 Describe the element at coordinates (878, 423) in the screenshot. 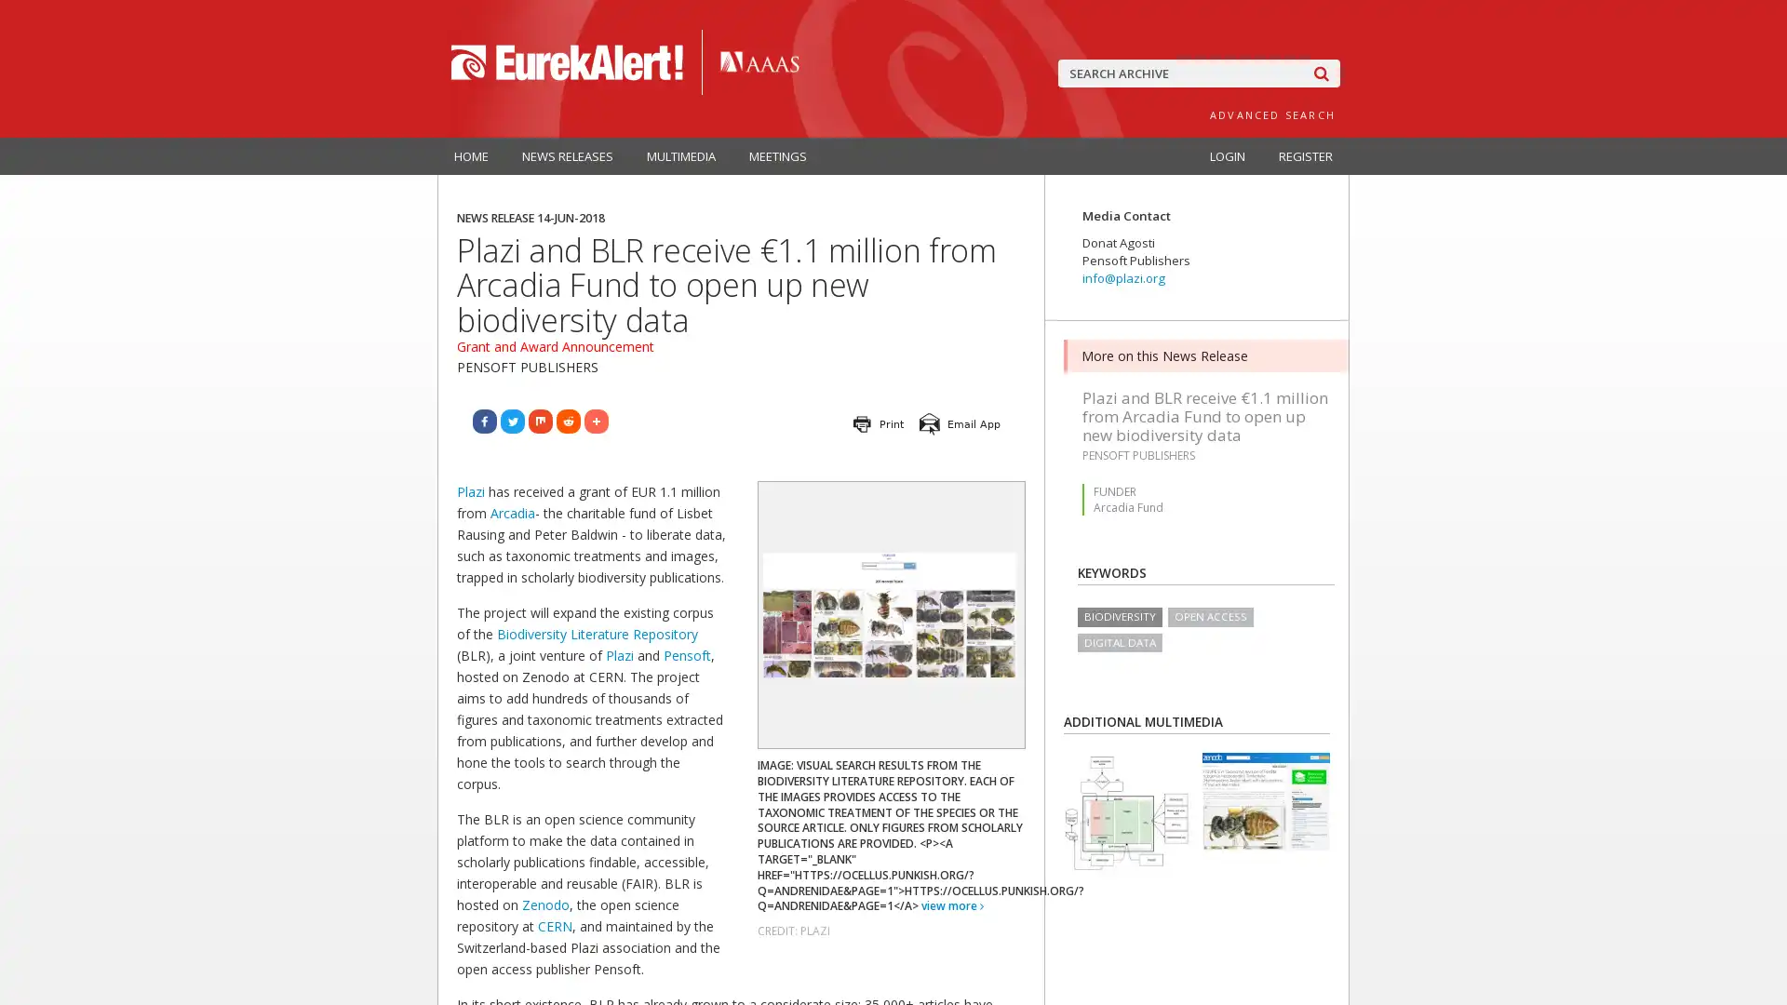

I see `Share to PrintPrint` at that location.